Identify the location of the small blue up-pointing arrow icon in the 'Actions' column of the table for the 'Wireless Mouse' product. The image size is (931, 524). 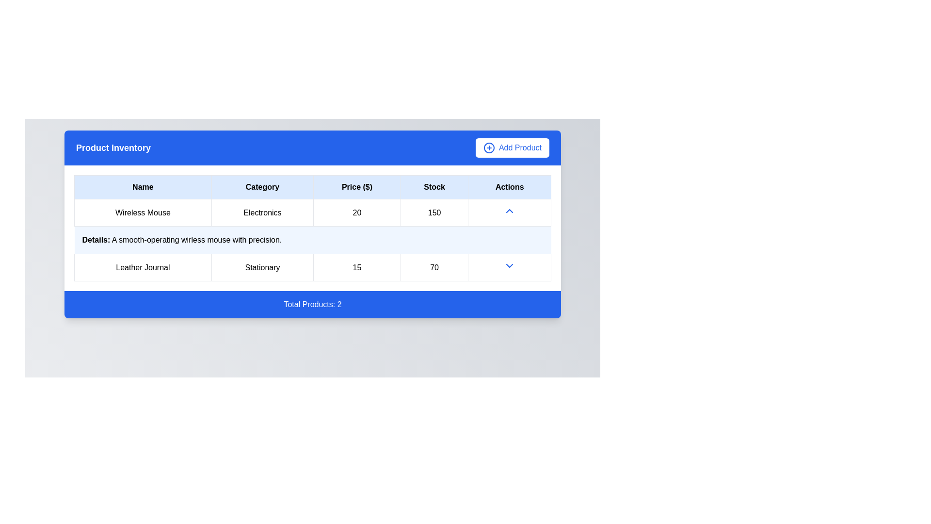
(509, 212).